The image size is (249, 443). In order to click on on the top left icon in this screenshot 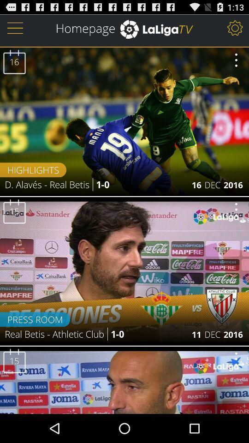, I will do `click(14, 27)`.